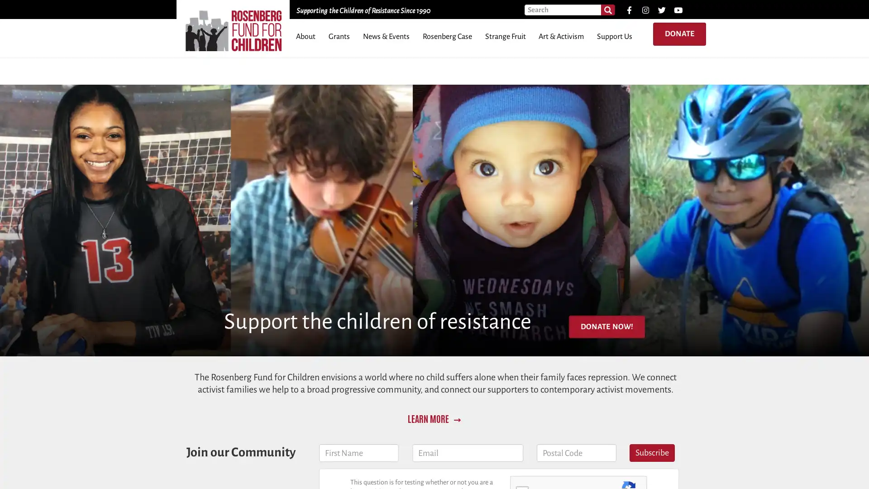  Describe the element at coordinates (607, 10) in the screenshot. I see `Search` at that location.